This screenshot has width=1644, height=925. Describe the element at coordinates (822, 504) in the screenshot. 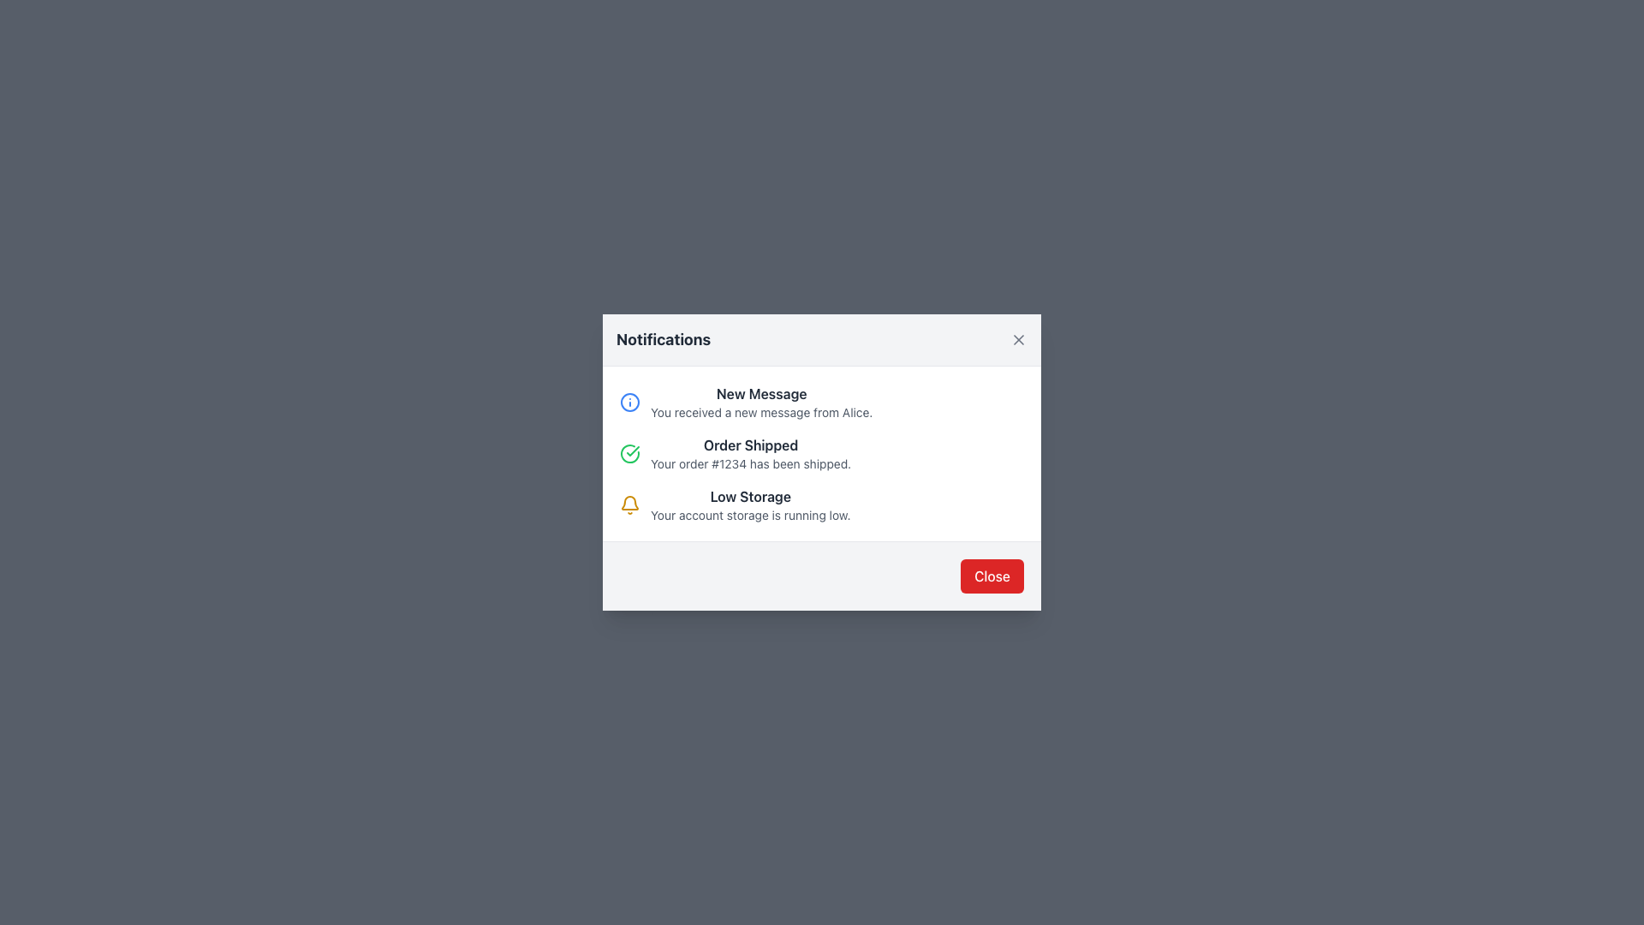

I see `the 'Low Storage' notification alert, which features a yellow bell icon and bold text, positioned third in the notification list` at that location.